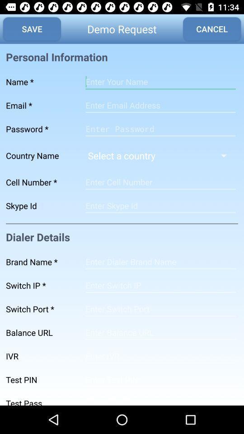 Image resolution: width=244 pixels, height=434 pixels. What do you see at coordinates (160, 262) in the screenshot?
I see `brand name` at bounding box center [160, 262].